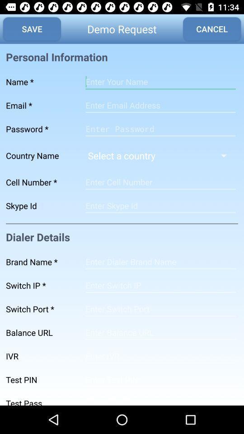 Image resolution: width=244 pixels, height=434 pixels. What do you see at coordinates (160, 262) in the screenshot?
I see `brand name` at bounding box center [160, 262].